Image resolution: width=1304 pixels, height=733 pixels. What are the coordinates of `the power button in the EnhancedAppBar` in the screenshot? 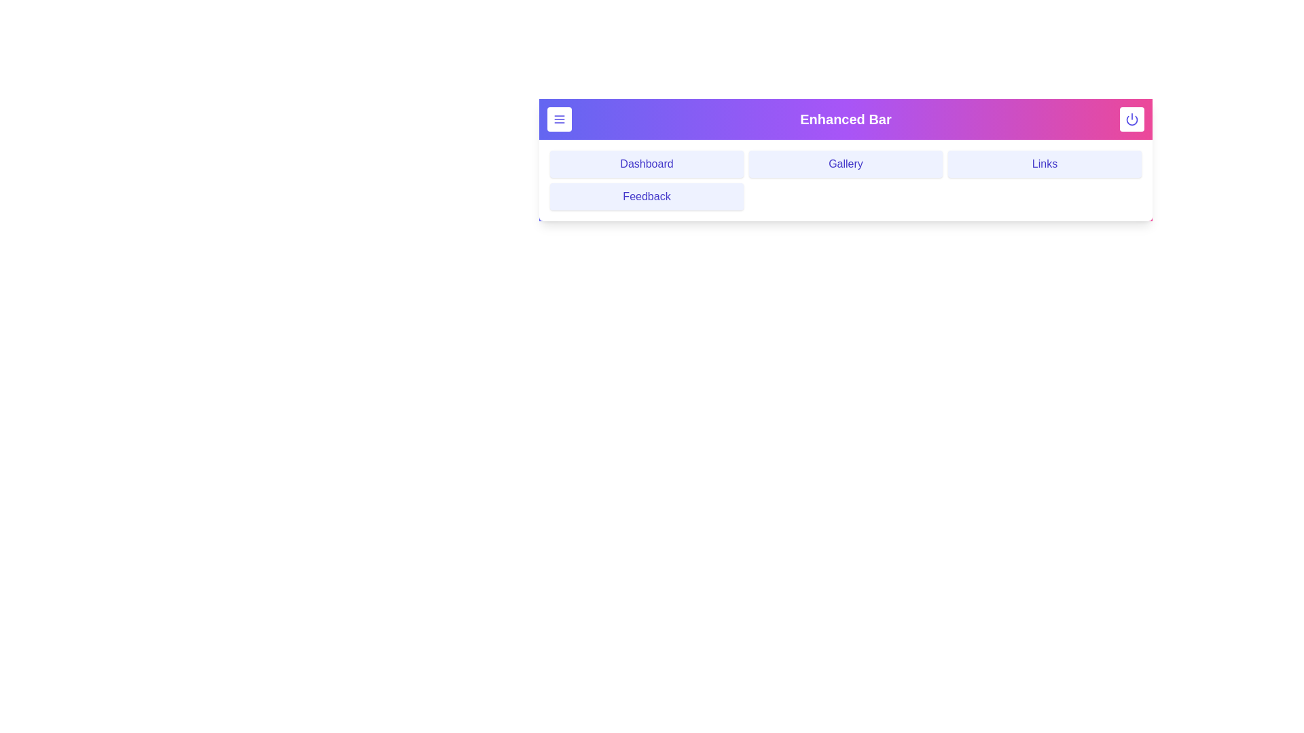 It's located at (1131, 119).